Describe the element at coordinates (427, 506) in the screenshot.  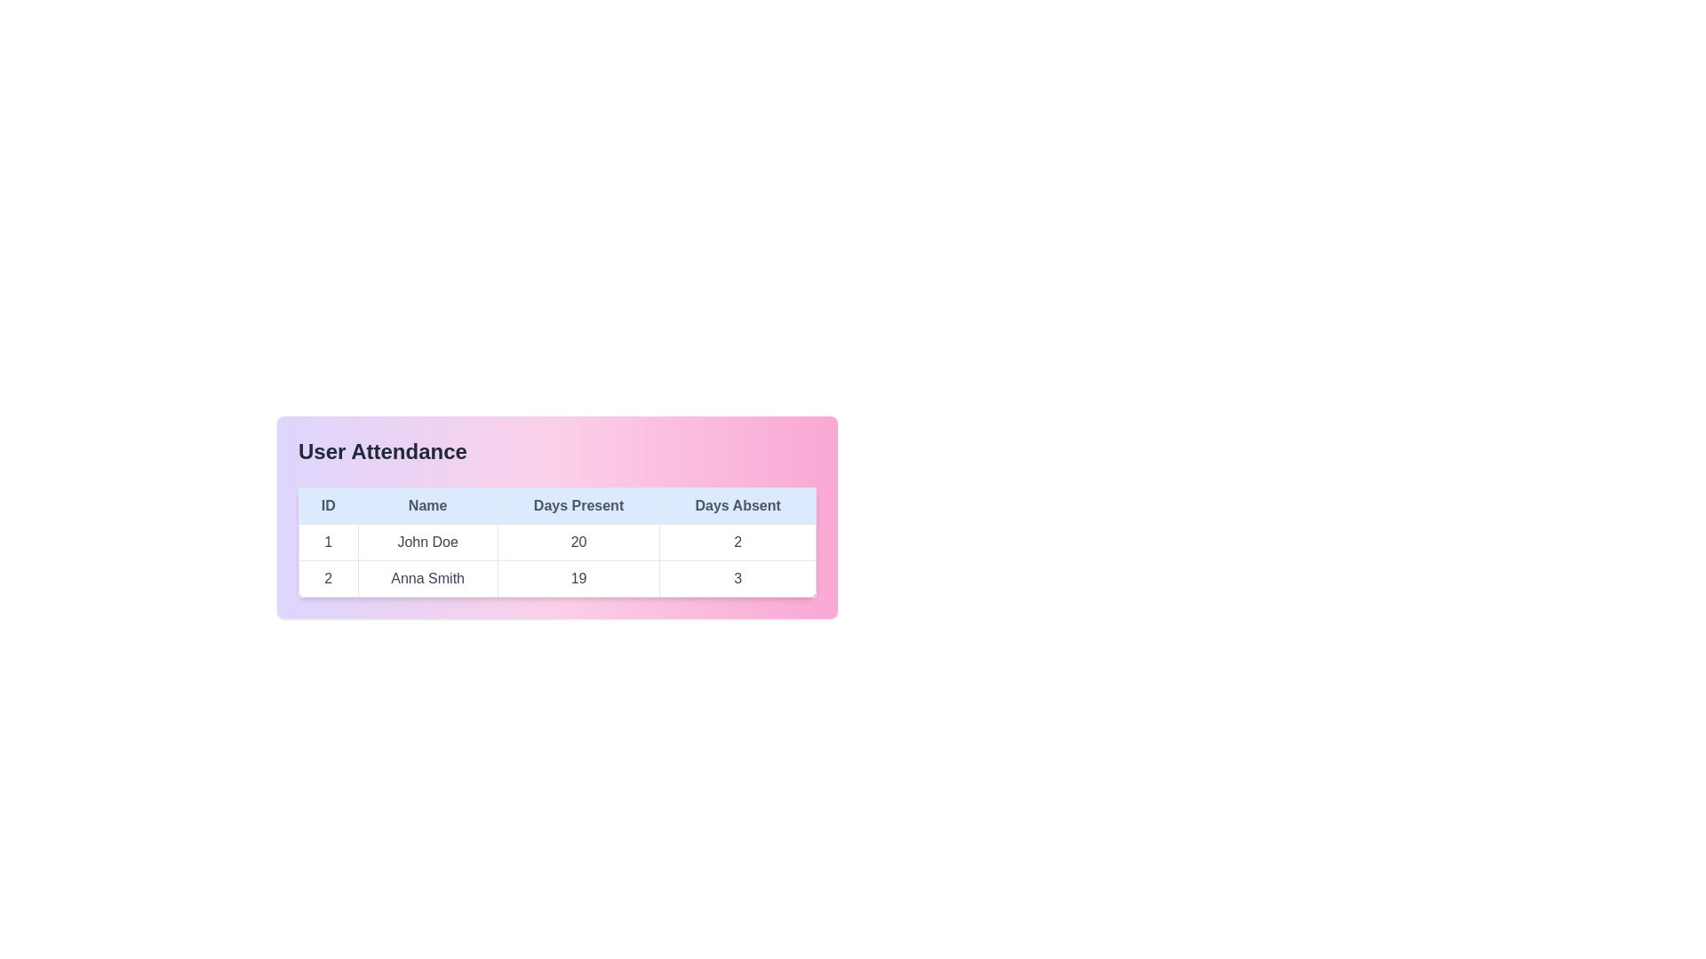
I see `text of the 'Name' label in the second column header of the table, which is styled with a light blue background and centered text` at that location.